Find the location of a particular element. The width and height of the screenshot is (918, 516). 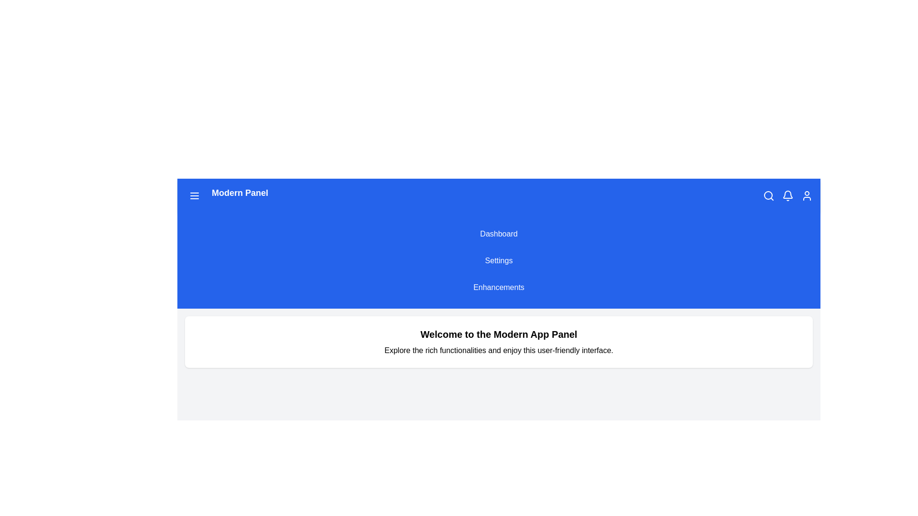

the 'Settings' menu item to navigate to the 'Settings' section is located at coordinates (498, 261).